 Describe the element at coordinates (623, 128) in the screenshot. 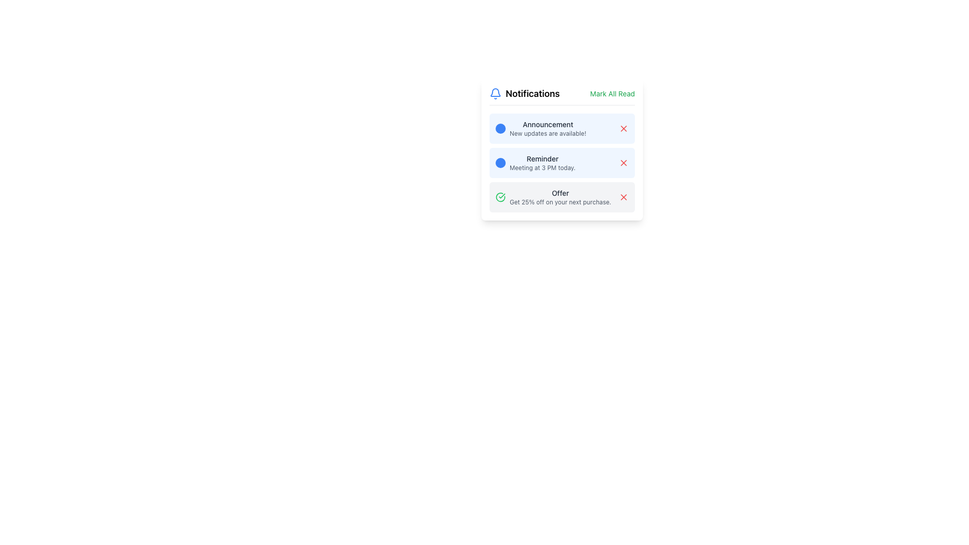

I see `the 'delete' icon located at the top right corner of the first notification card, which represents a dismiss function` at that location.